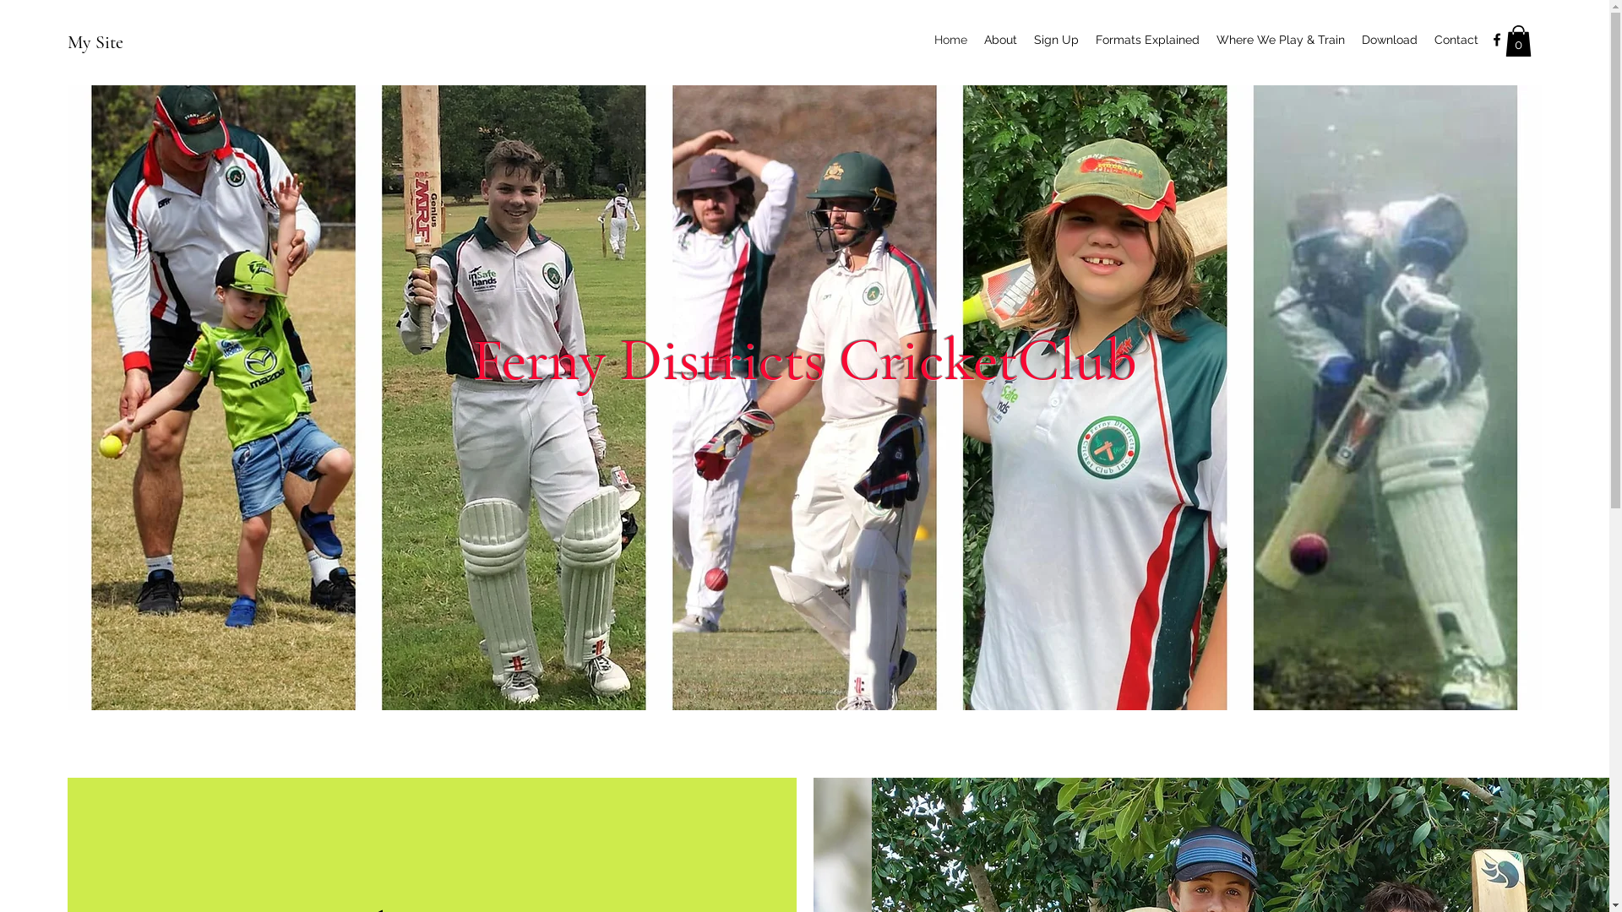 The image size is (1622, 912). I want to click on 'Contact', so click(1455, 38).